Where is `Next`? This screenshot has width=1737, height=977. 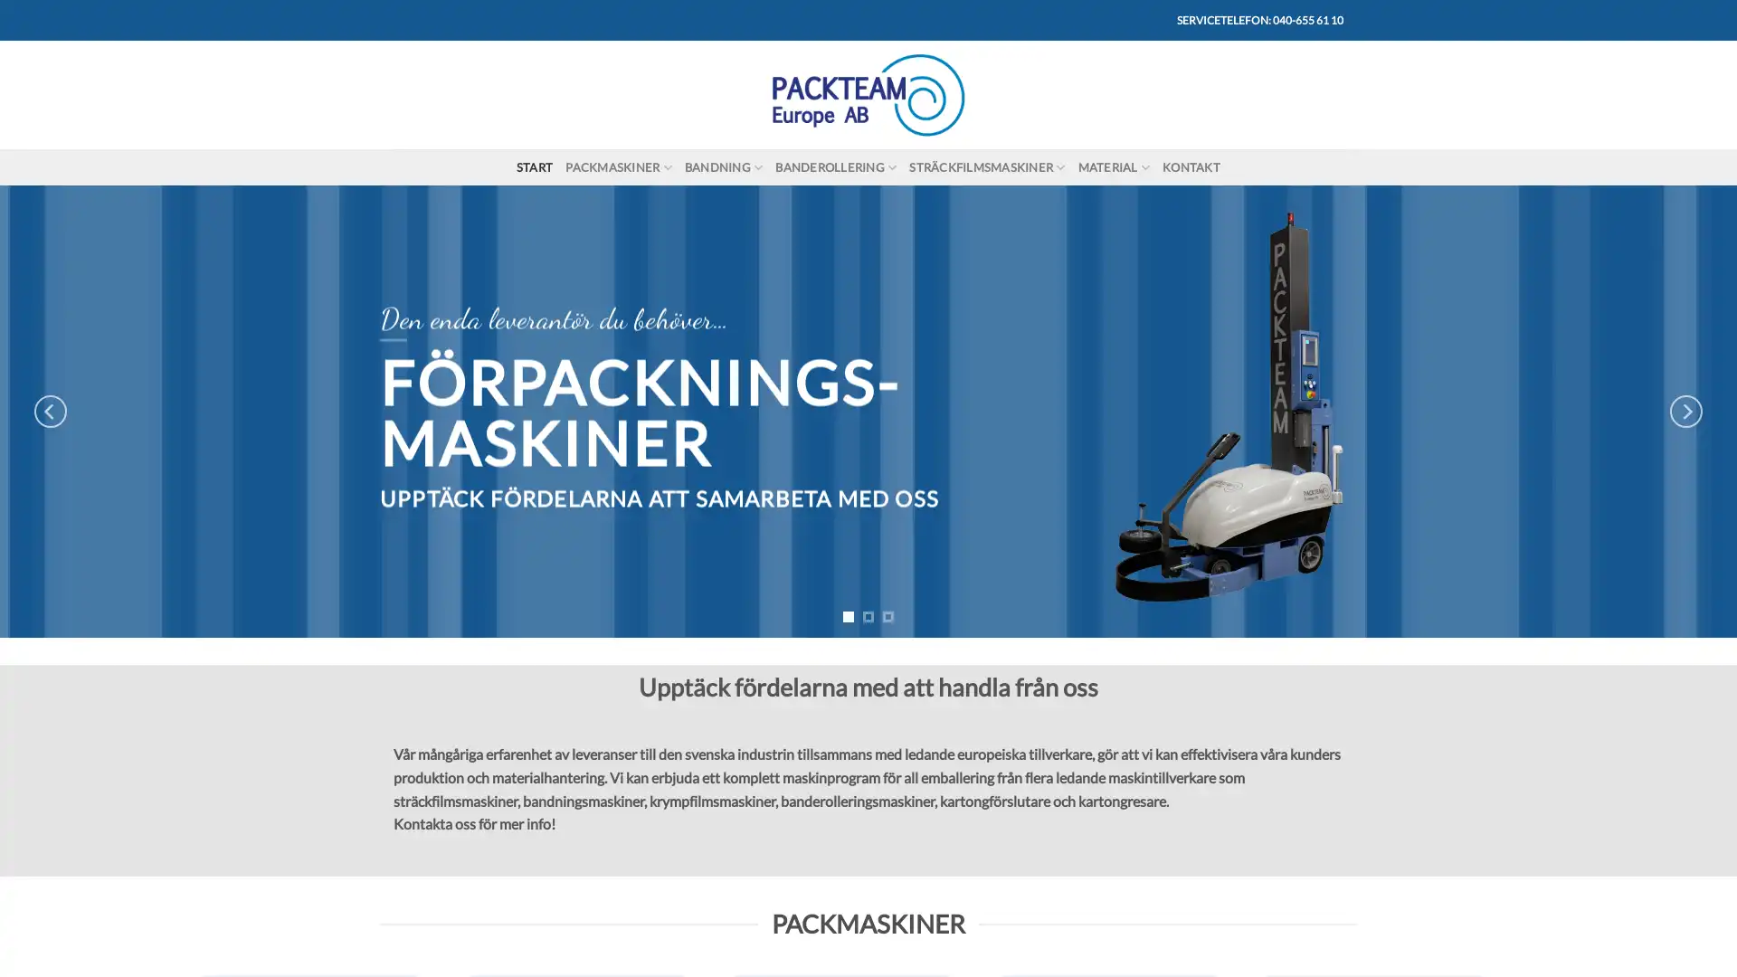
Next is located at coordinates (1340, 680).